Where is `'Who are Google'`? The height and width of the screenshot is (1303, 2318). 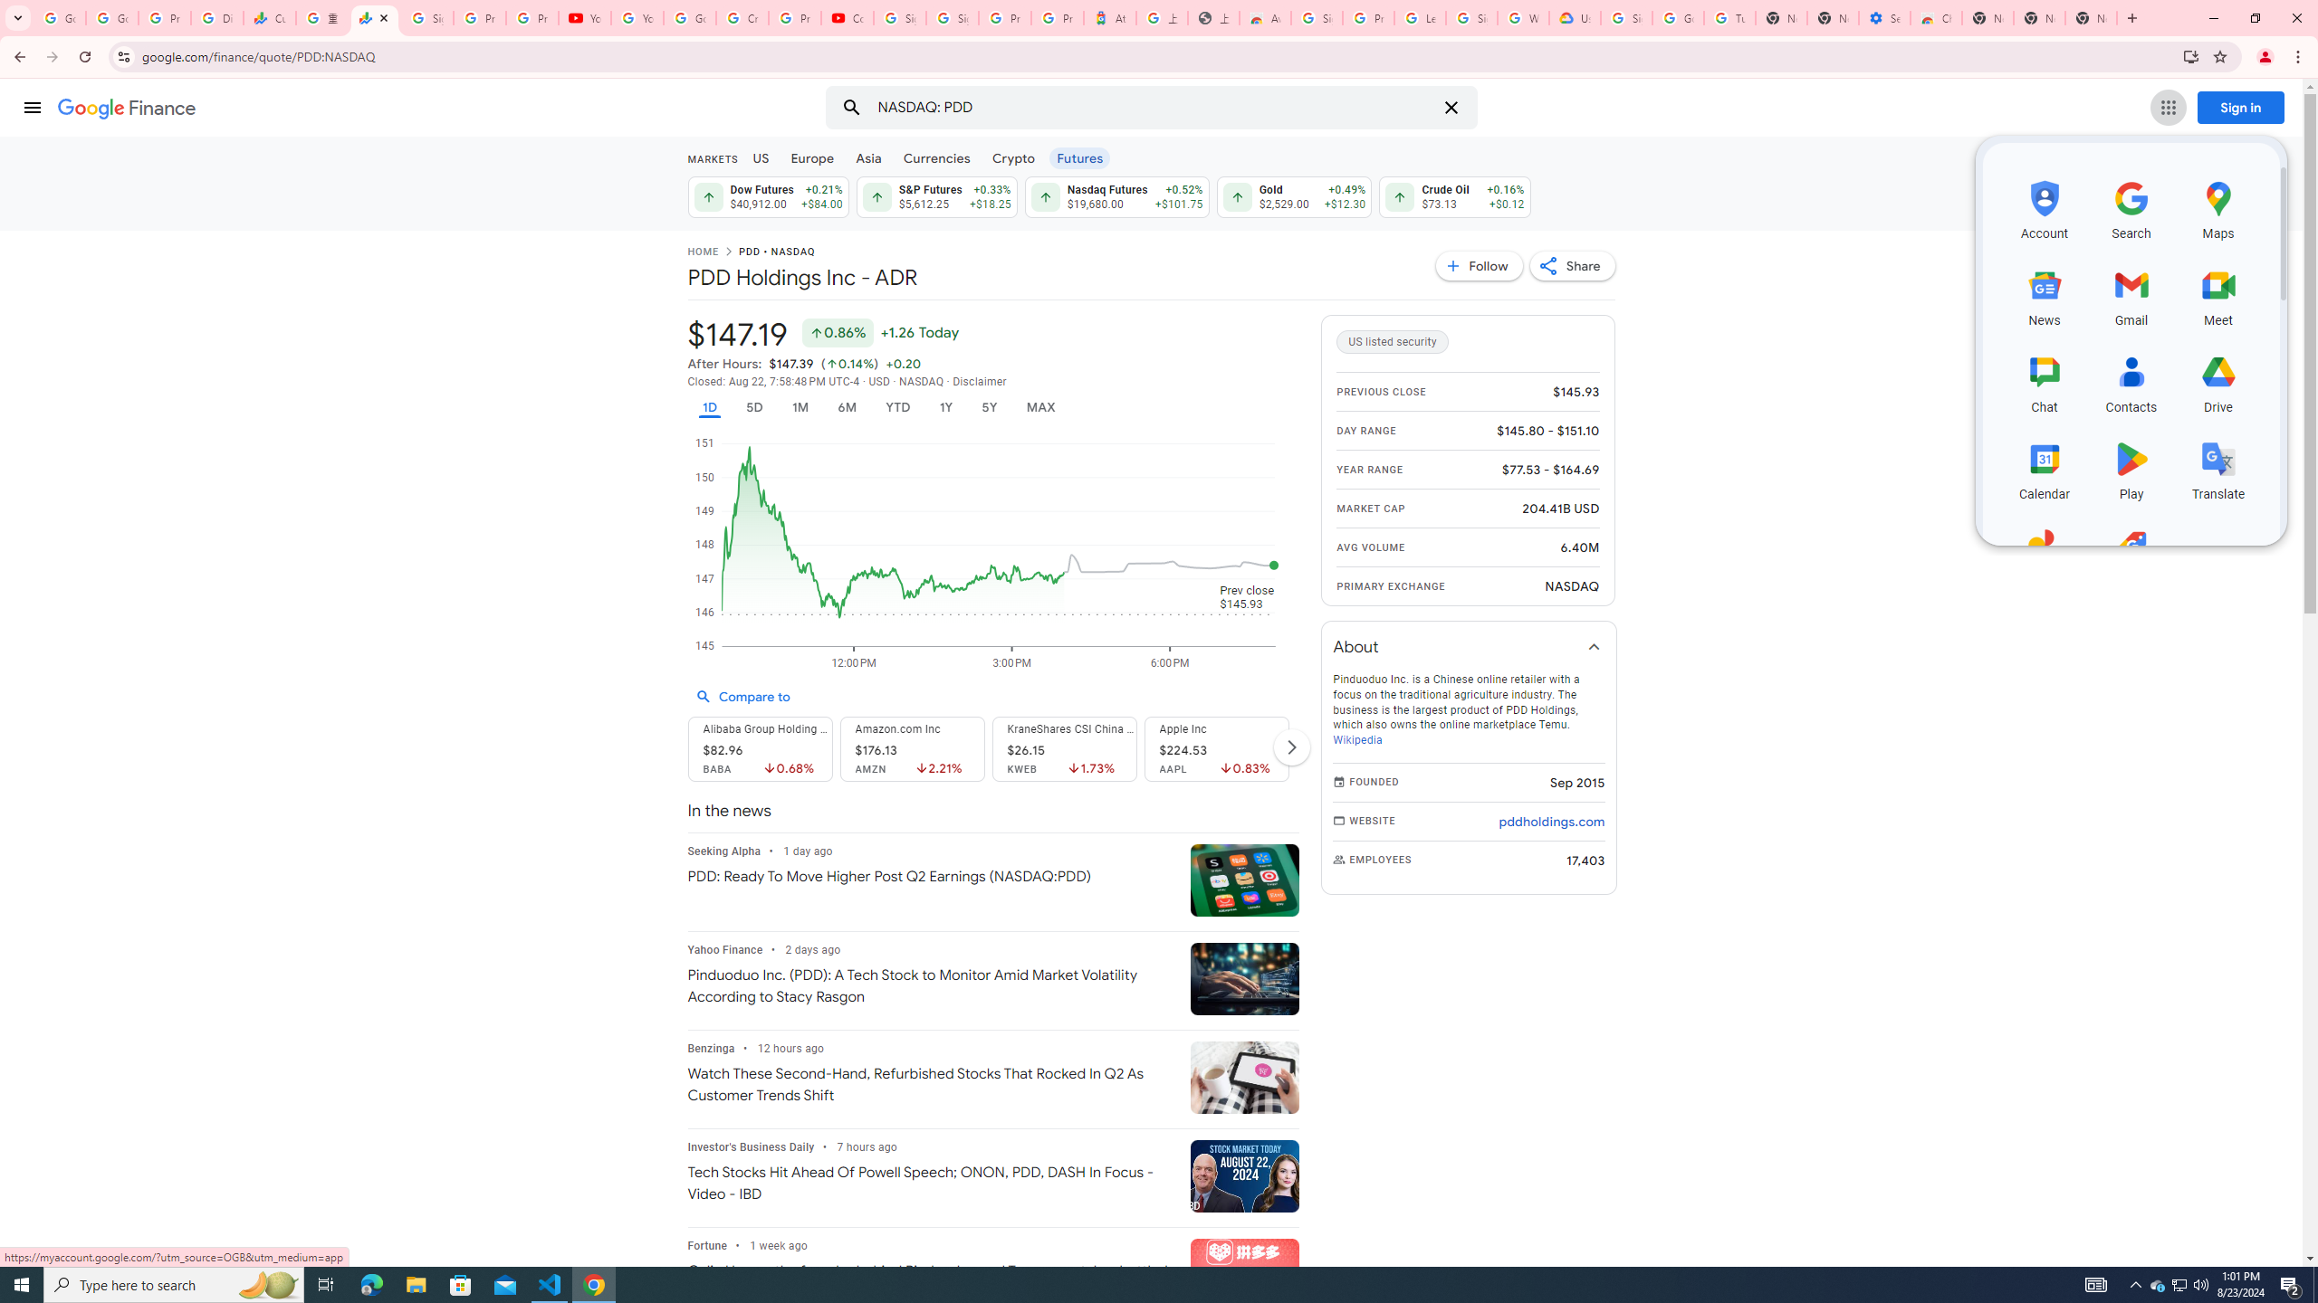 'Who are Google' is located at coordinates (1524, 17).